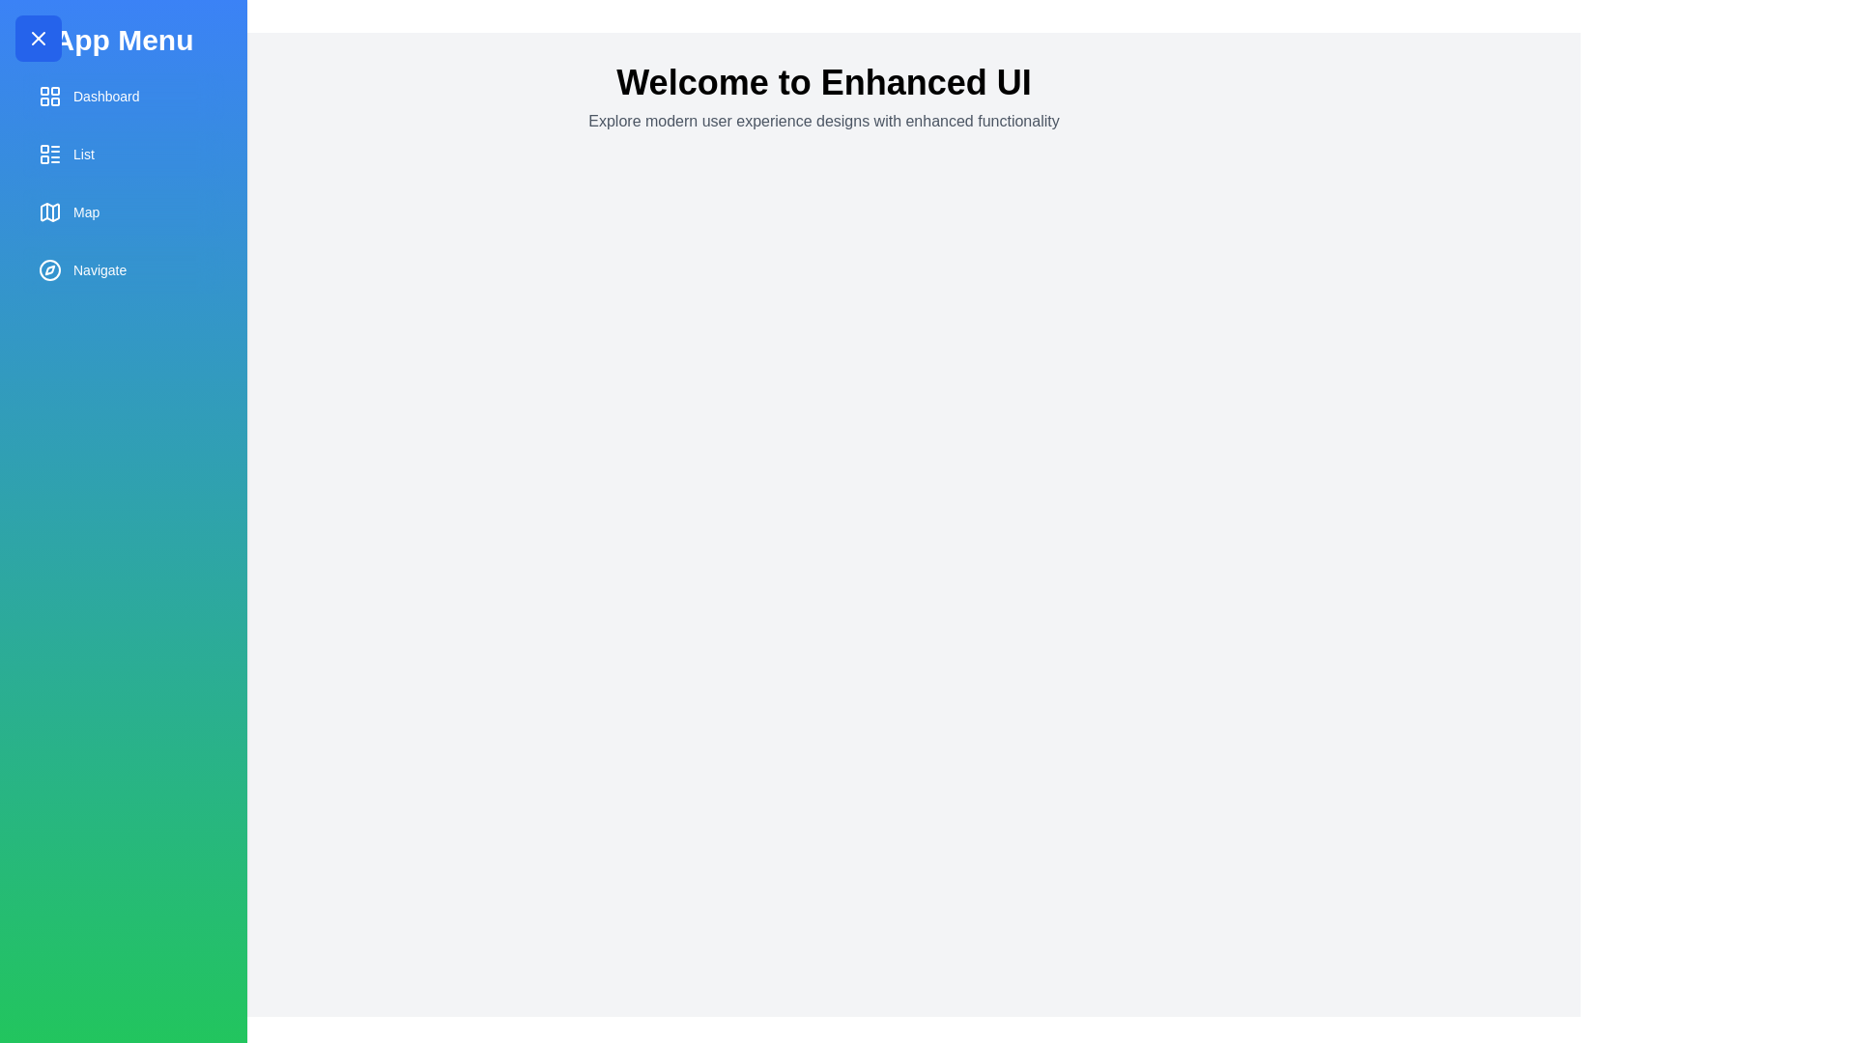 The height and width of the screenshot is (1043, 1855). Describe the element at coordinates (123, 97) in the screenshot. I see `the menu item labeled Dashboard` at that location.